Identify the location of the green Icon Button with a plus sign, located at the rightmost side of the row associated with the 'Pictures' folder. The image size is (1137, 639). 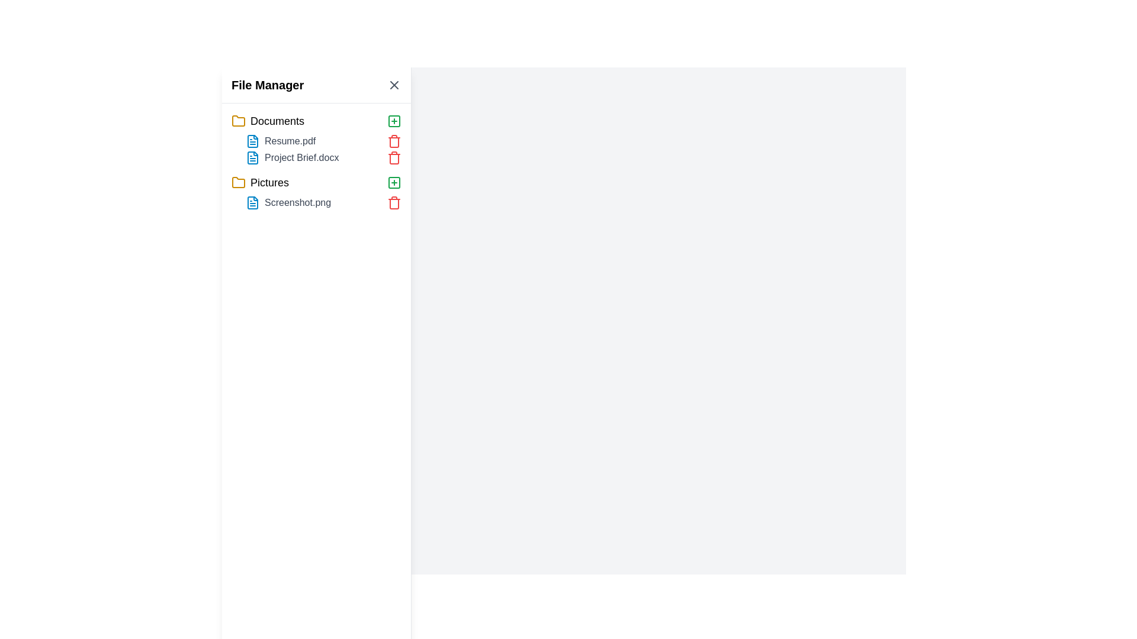
(394, 121).